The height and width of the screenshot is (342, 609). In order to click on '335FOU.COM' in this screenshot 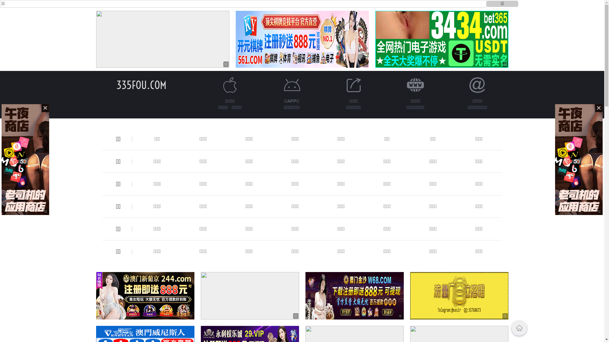, I will do `click(141, 85)`.